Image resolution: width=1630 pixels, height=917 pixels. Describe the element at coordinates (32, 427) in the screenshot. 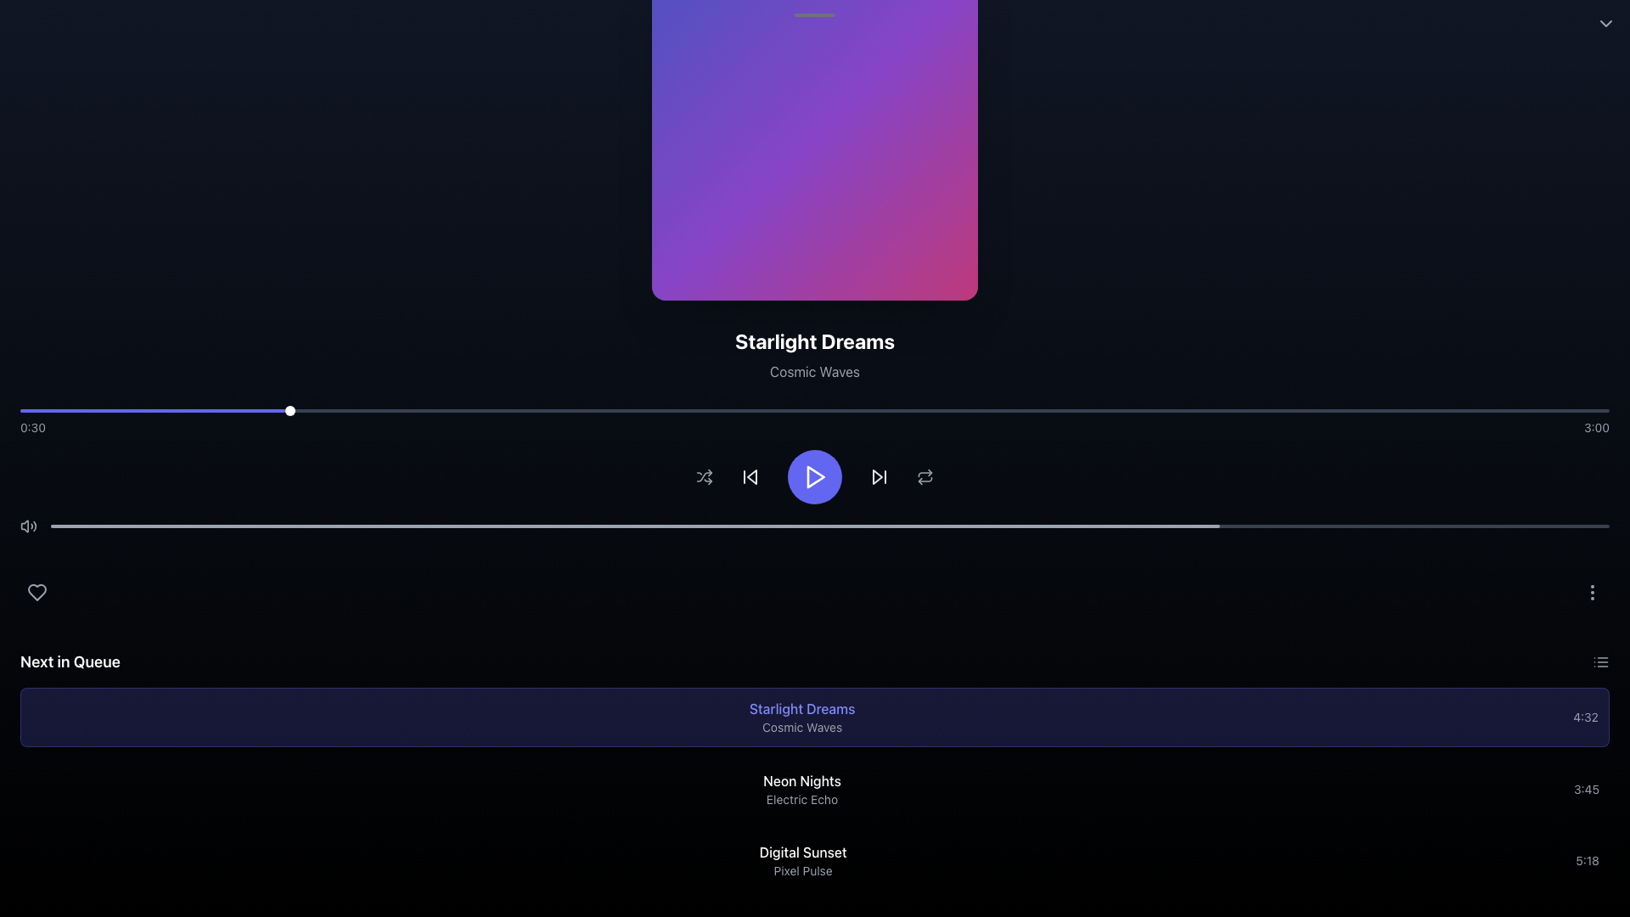

I see `text displayed in the elapsed time label located at the bottom-left of the progress bar, which shows the progression of playback` at that location.